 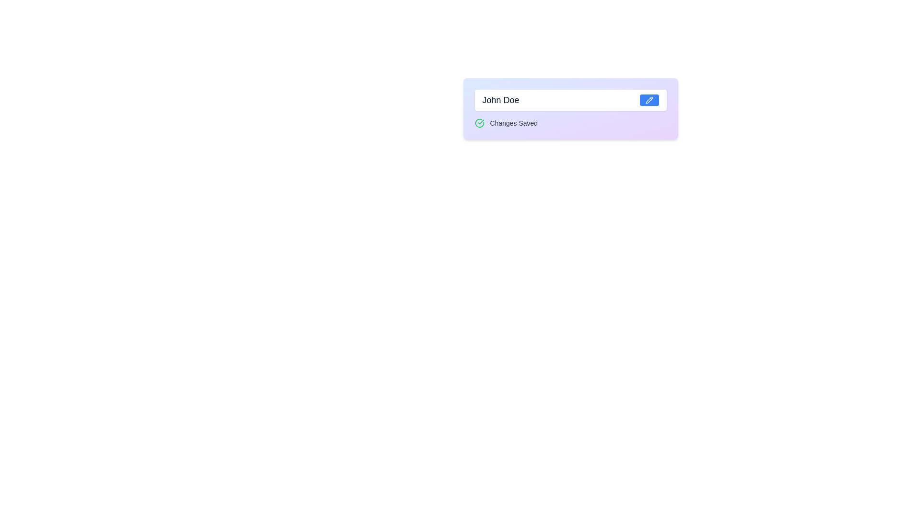 What do you see at coordinates (649, 100) in the screenshot?
I see `the blue pencil icon button located at the right margin of the input field labeled 'John Doe'` at bounding box center [649, 100].